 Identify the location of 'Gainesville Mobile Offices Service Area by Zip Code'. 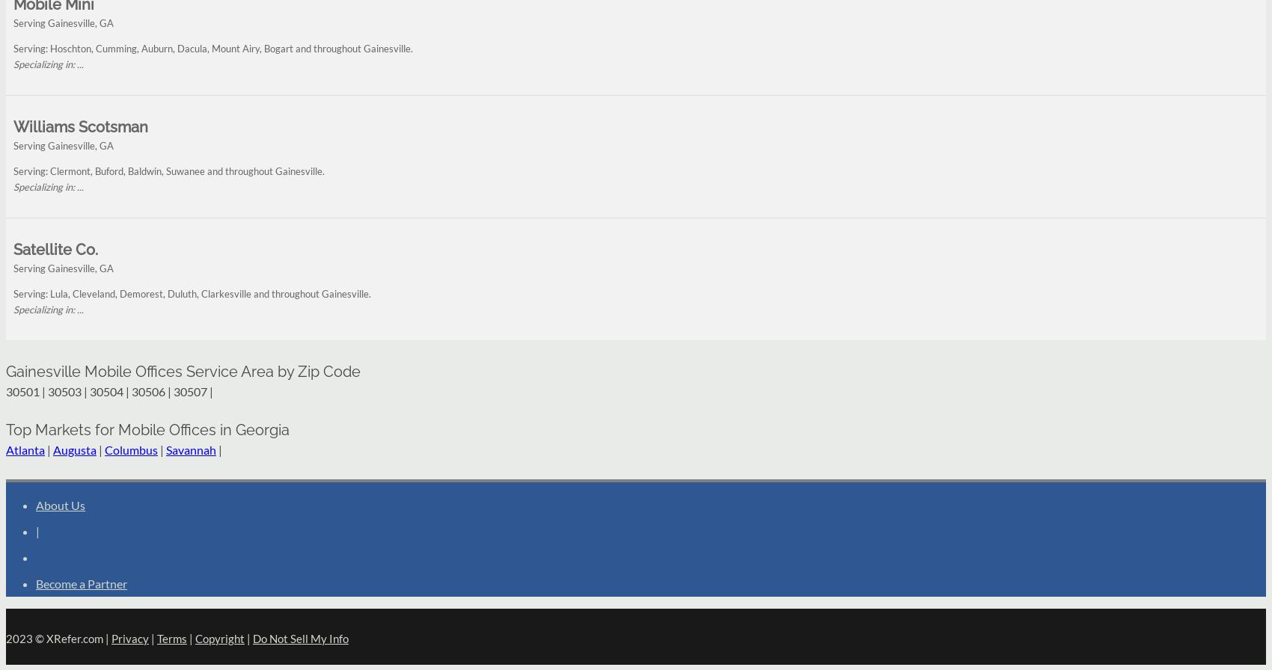
(5, 371).